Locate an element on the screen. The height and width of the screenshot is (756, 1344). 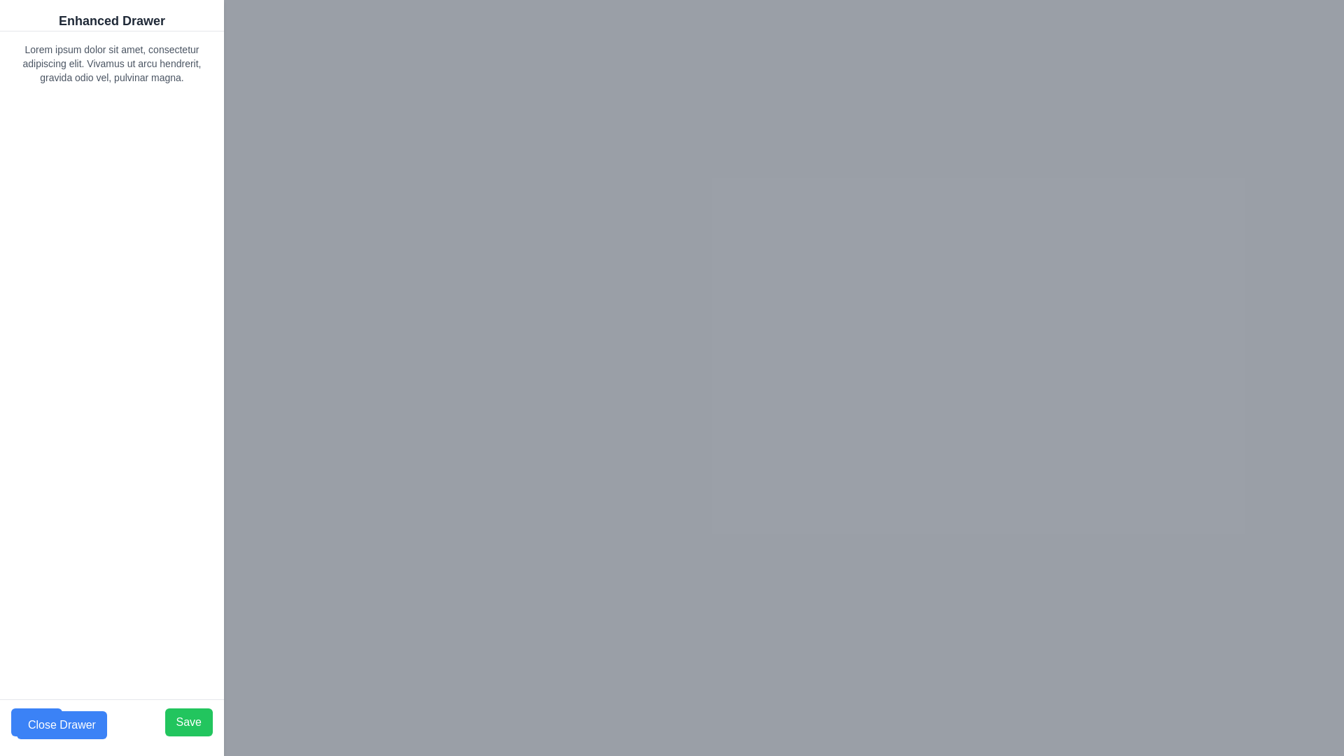
the Text block displaying descriptive information located beneath the 'Enhanced Drawer' header on the left panel of the interface is located at coordinates (111, 64).